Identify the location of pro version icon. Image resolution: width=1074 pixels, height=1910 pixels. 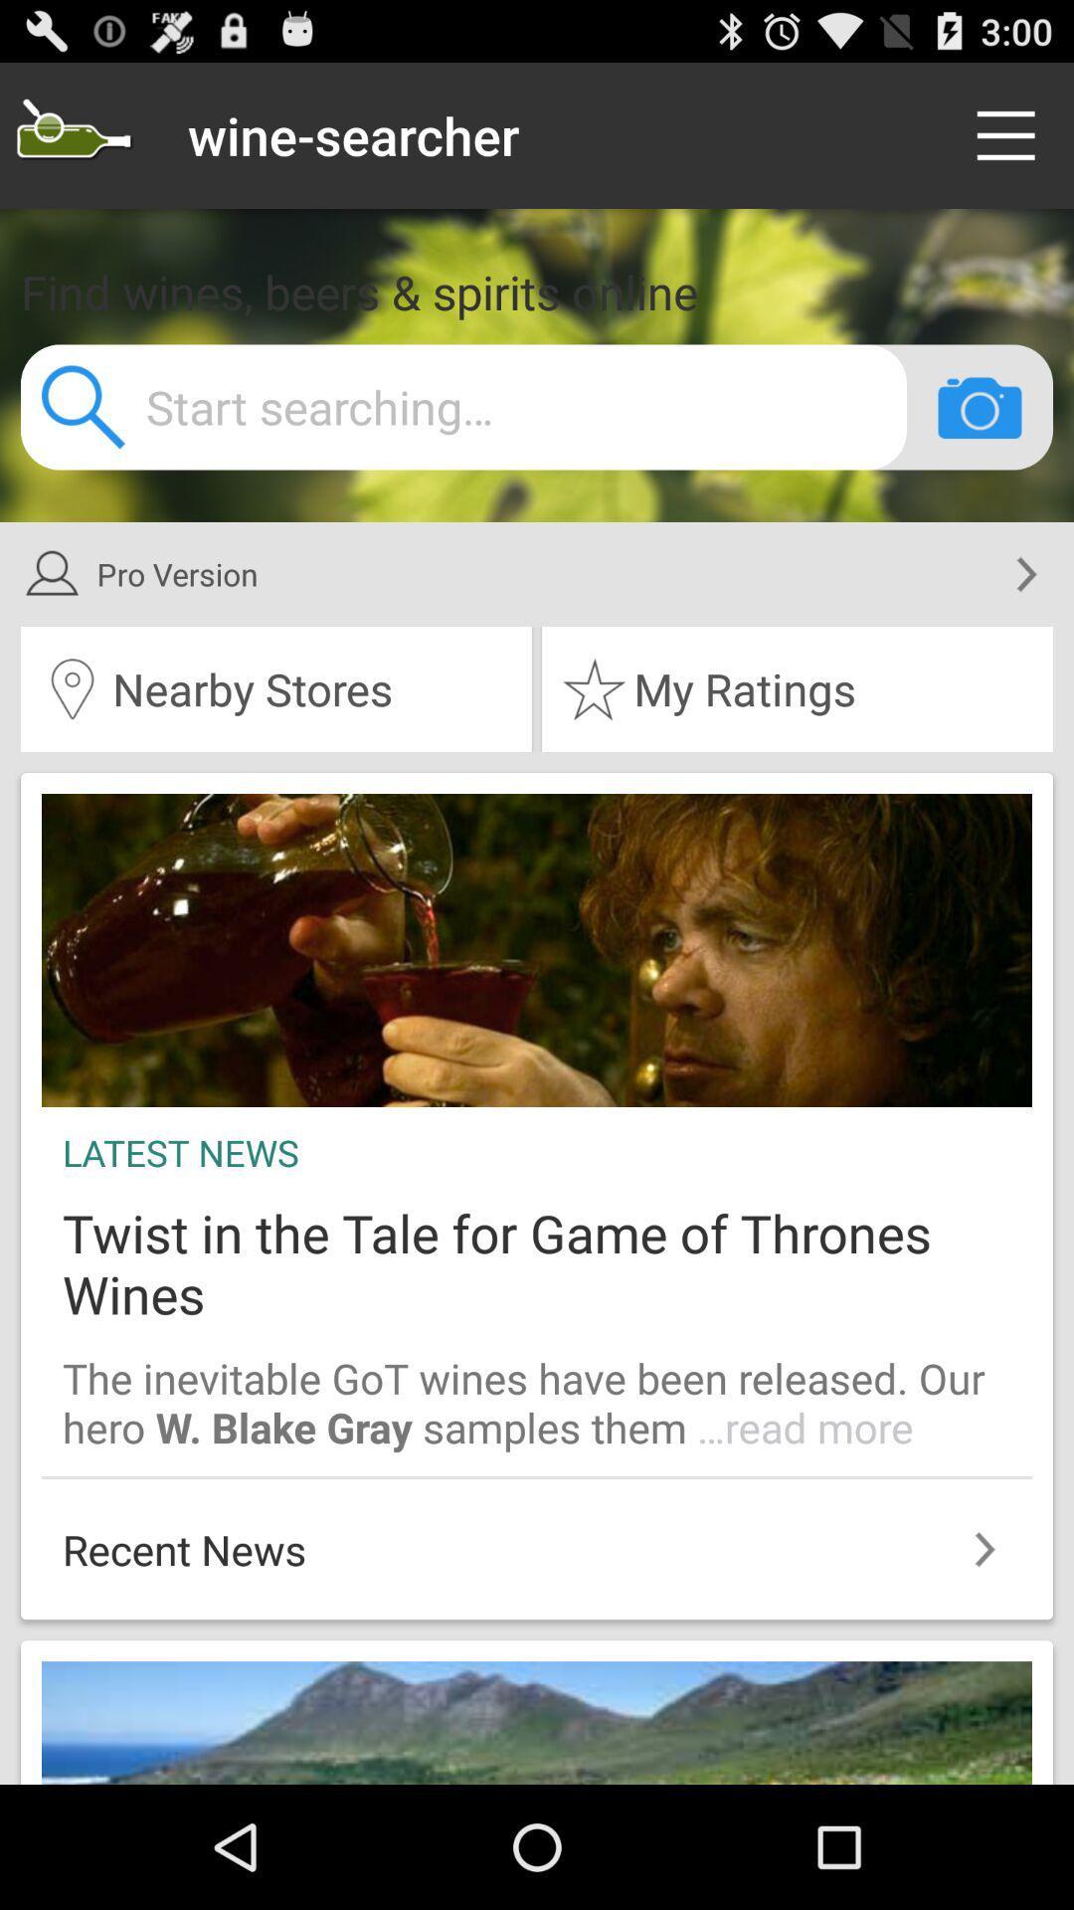
(509, 573).